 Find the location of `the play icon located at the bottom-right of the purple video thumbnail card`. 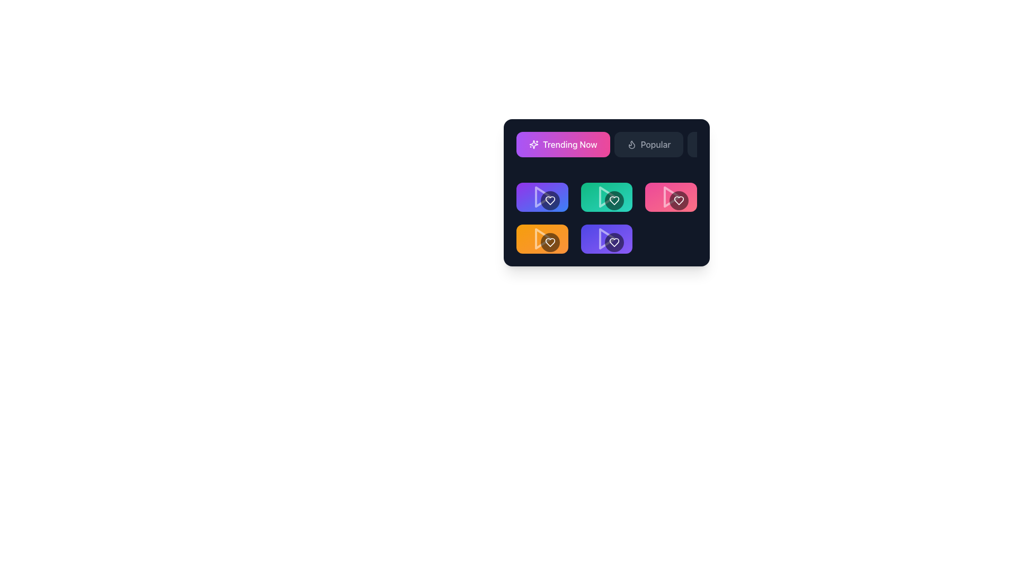

the play icon located at the bottom-right of the purple video thumbnail card is located at coordinates (608, 239).